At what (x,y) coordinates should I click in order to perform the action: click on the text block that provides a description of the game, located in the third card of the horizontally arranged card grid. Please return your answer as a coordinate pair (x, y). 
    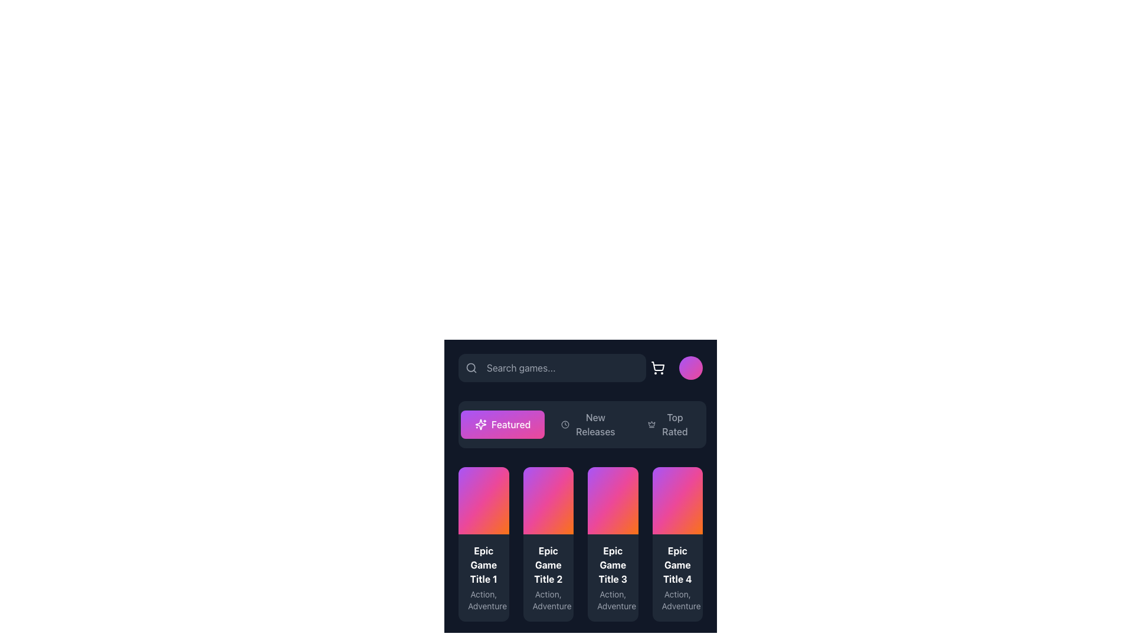
    Looking at the image, I should click on (613, 547).